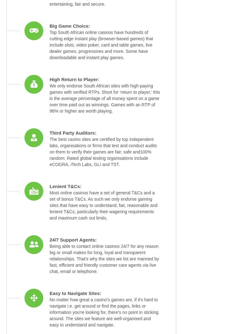 The height and width of the screenshot is (334, 251). Describe the element at coordinates (101, 45) in the screenshot. I see `'Top South African online casinos have hundreds of cutting edge instant play (browser-based games) that include slots, video poker, card and table games, live dealer games, progressives and more. Some have downloadable and instant play games.'` at that location.